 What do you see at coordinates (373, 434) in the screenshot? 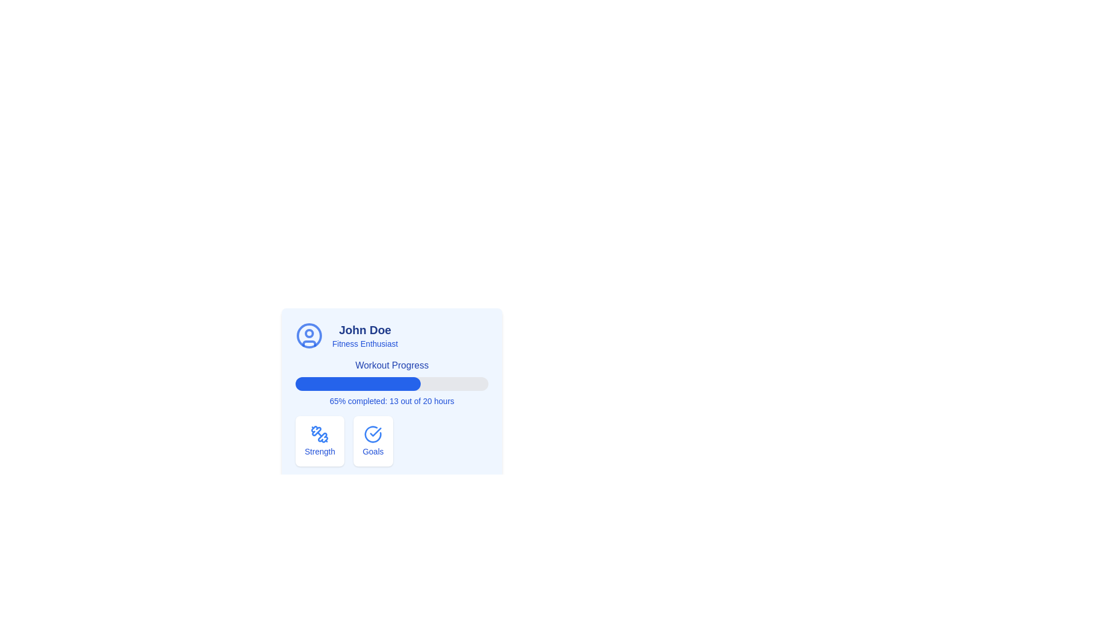
I see `the success icon located at the top center of the 'Goals' card, which indicates the completion of goals` at bounding box center [373, 434].